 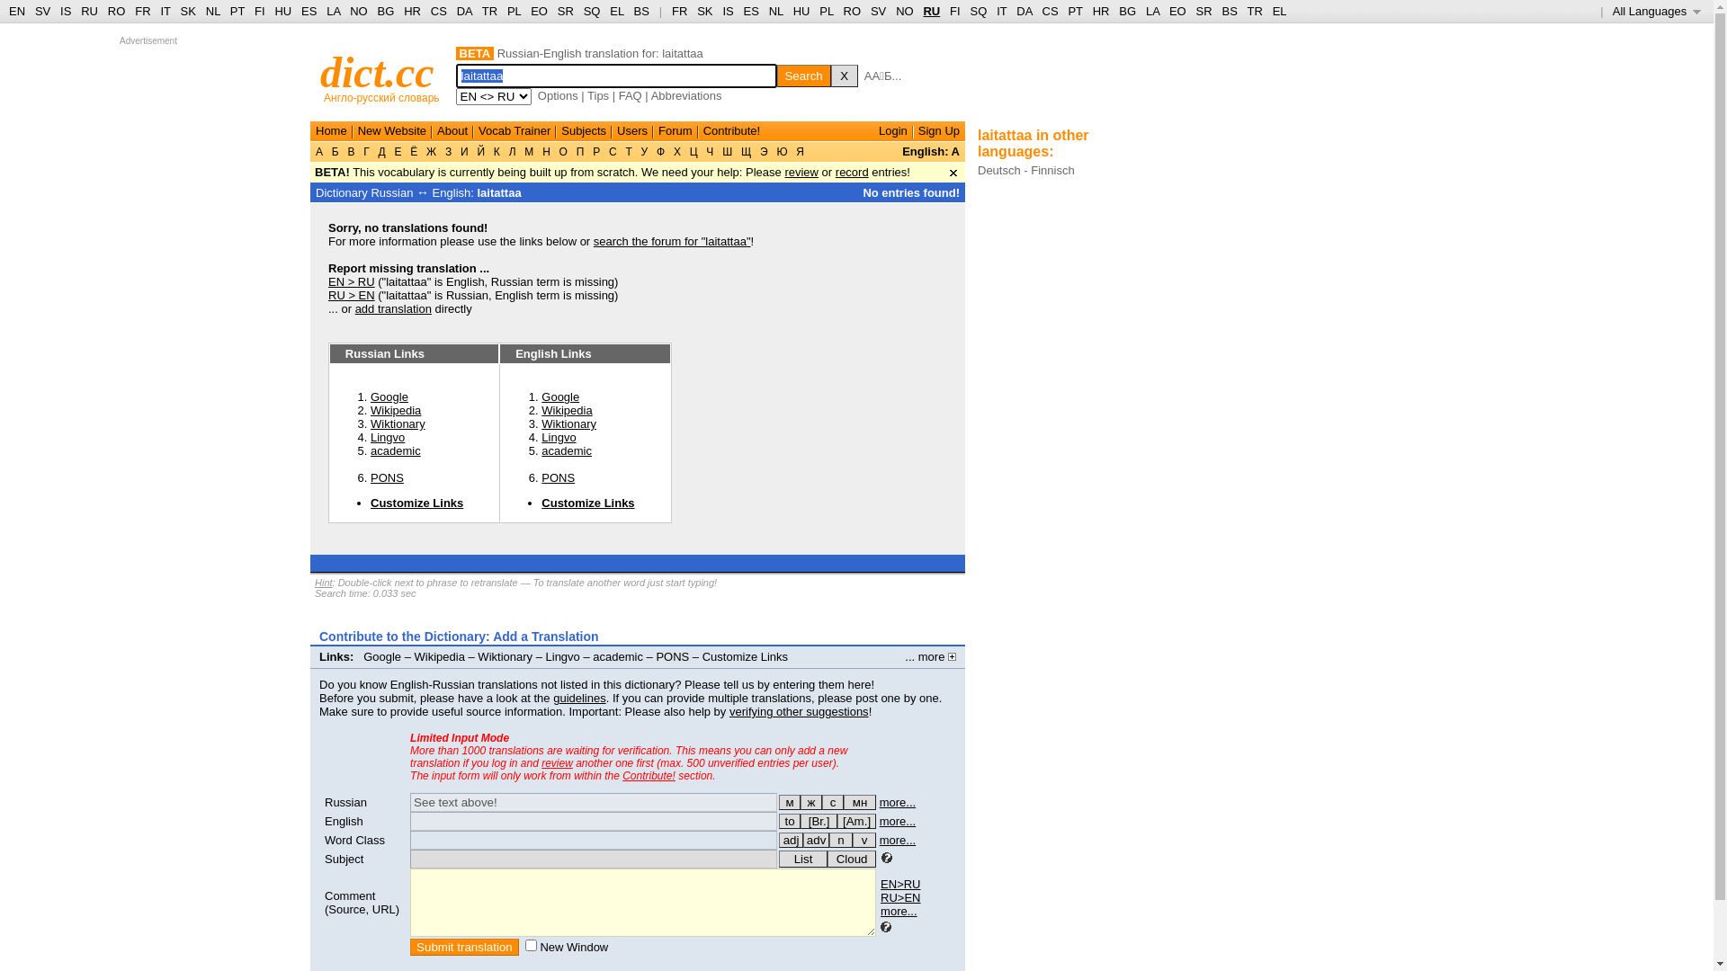 What do you see at coordinates (852, 11) in the screenshot?
I see `'RO'` at bounding box center [852, 11].